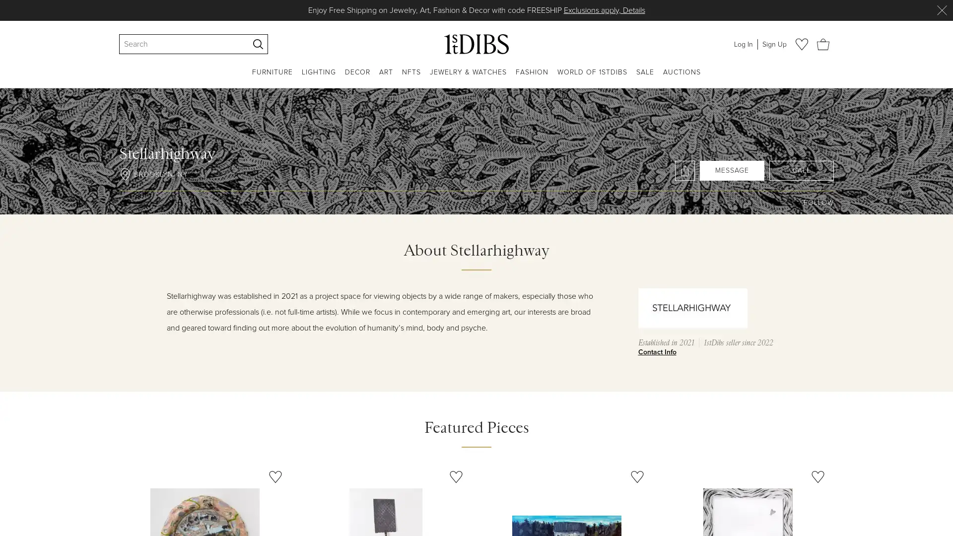  I want to click on Clear search terms, so click(241, 43).